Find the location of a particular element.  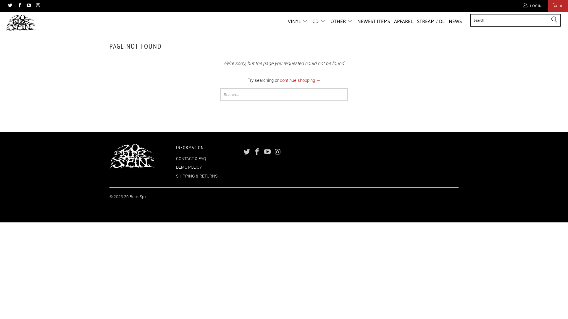

'20 Buck Spin on Facebook' is located at coordinates (257, 152).